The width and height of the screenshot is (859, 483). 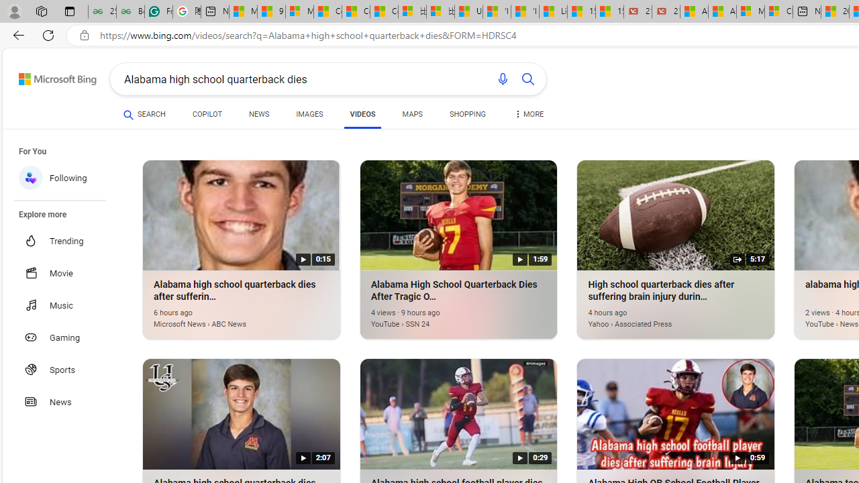 I want to click on 'SEARCH', so click(x=144, y=114).